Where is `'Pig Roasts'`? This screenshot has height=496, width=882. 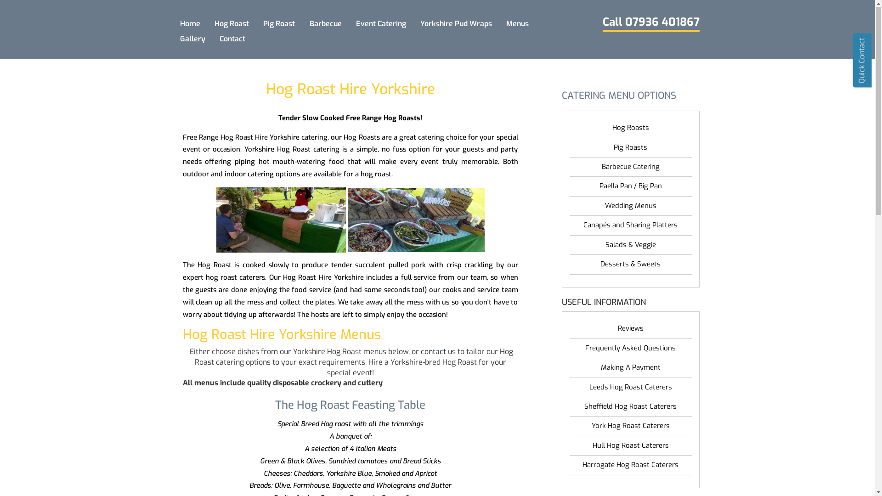
'Pig Roasts' is located at coordinates (630, 147).